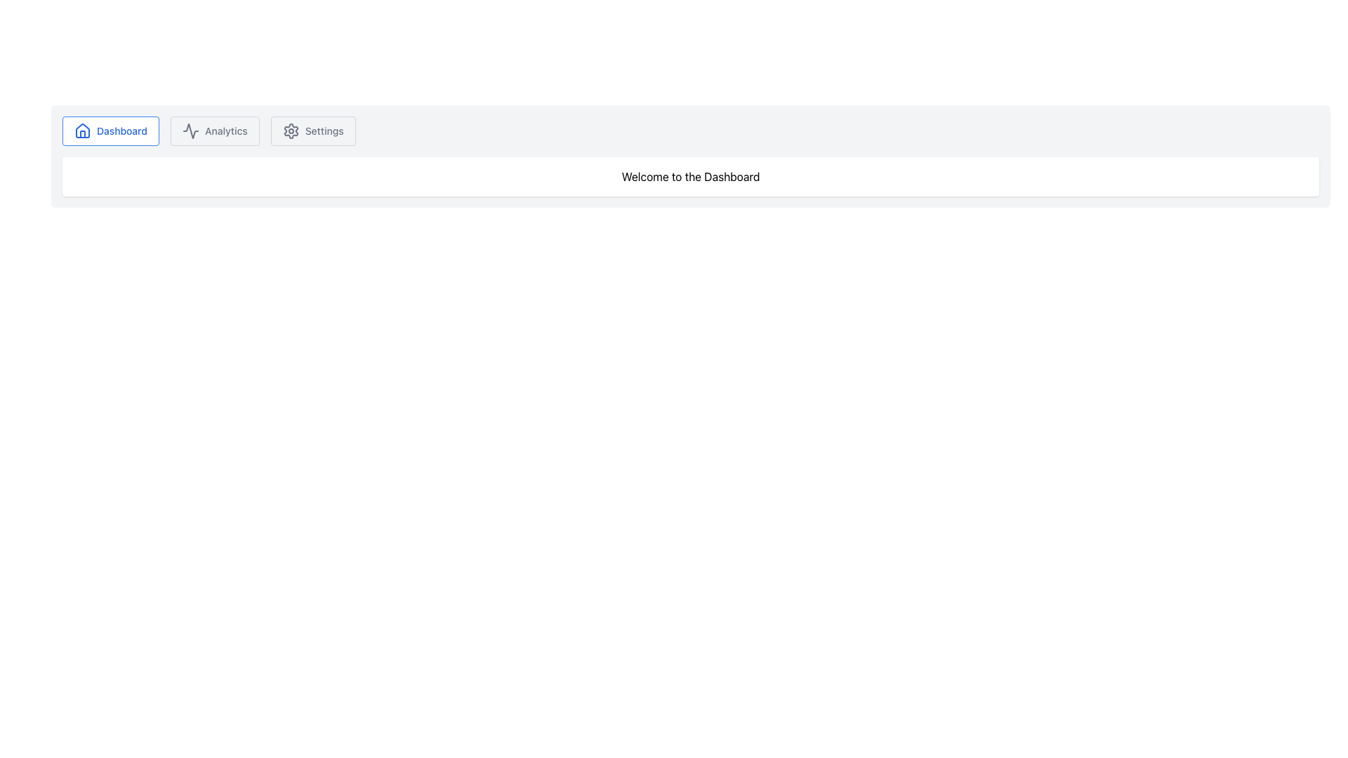 The image size is (1348, 758). I want to click on the small icon resembling an activity waveform graph located to the left of the text 'Analytics' in the navigation bar, so click(190, 131).